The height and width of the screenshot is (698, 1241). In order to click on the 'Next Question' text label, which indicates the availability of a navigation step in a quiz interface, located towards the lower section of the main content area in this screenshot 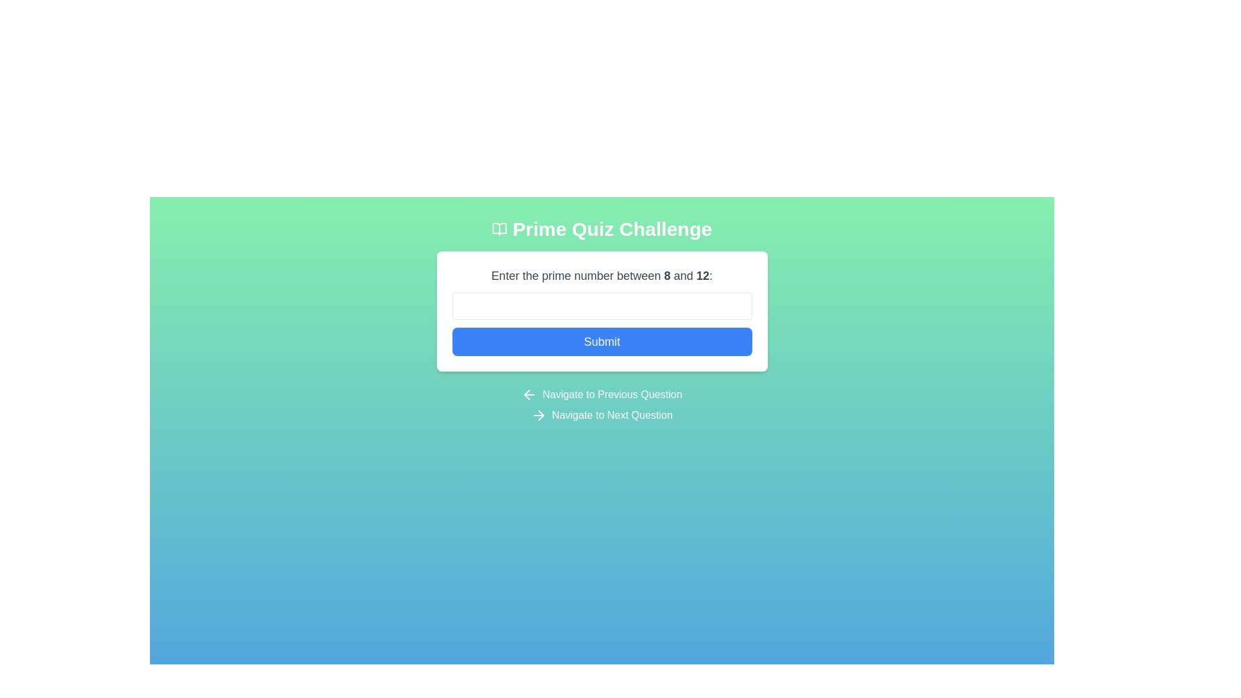, I will do `click(611, 416)`.